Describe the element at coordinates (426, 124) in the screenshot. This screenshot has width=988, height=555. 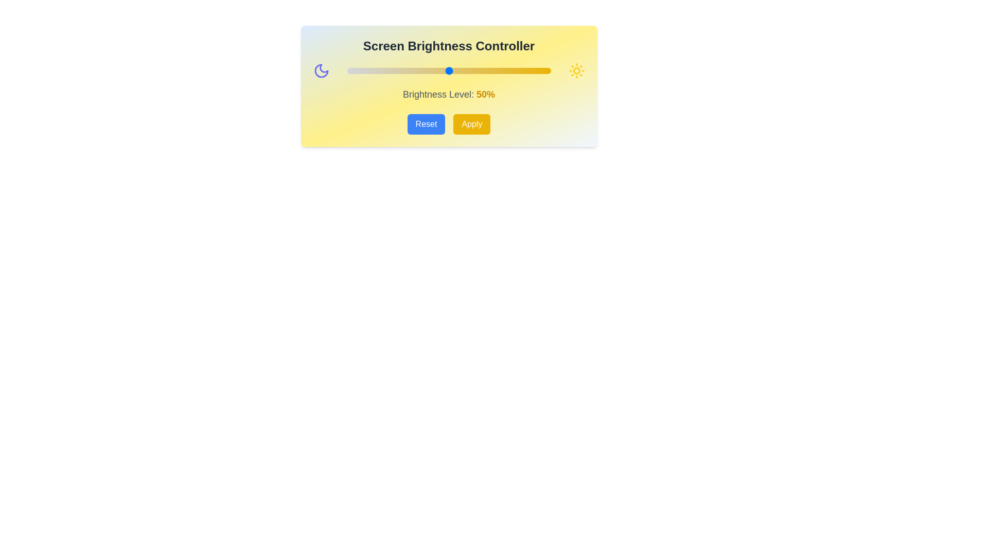
I see `'Reset' button to restore the brightness to its default value` at that location.